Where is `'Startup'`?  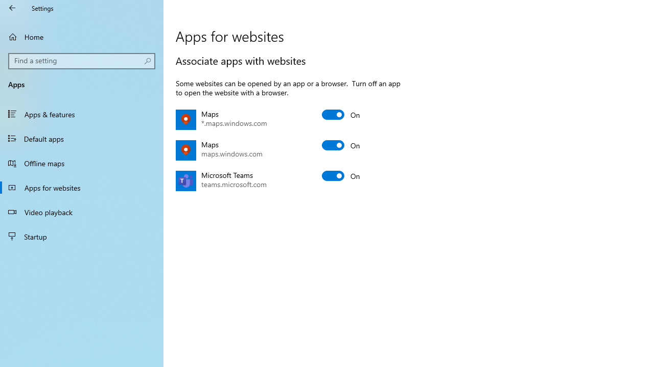
'Startup' is located at coordinates (82, 237).